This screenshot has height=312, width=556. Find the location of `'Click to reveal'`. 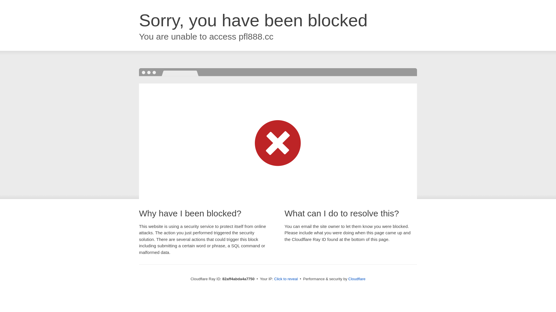

'Click to reveal' is located at coordinates (286, 278).